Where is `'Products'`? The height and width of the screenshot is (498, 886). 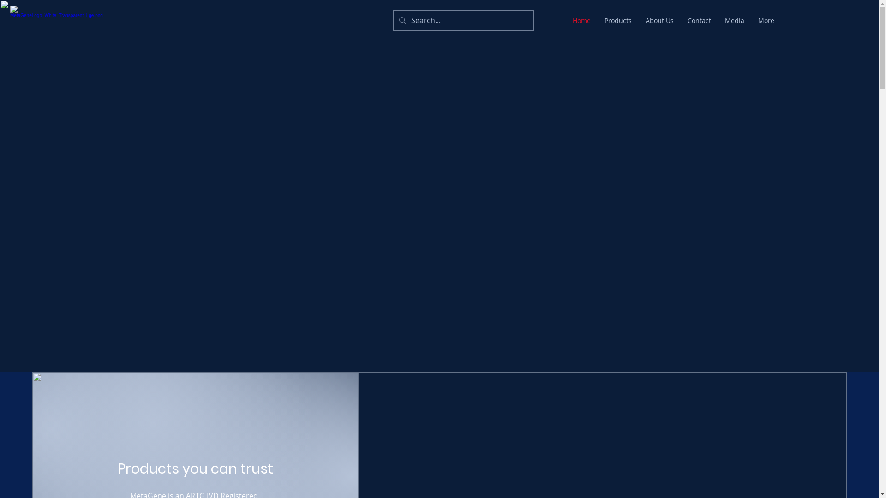 'Products' is located at coordinates (618, 21).